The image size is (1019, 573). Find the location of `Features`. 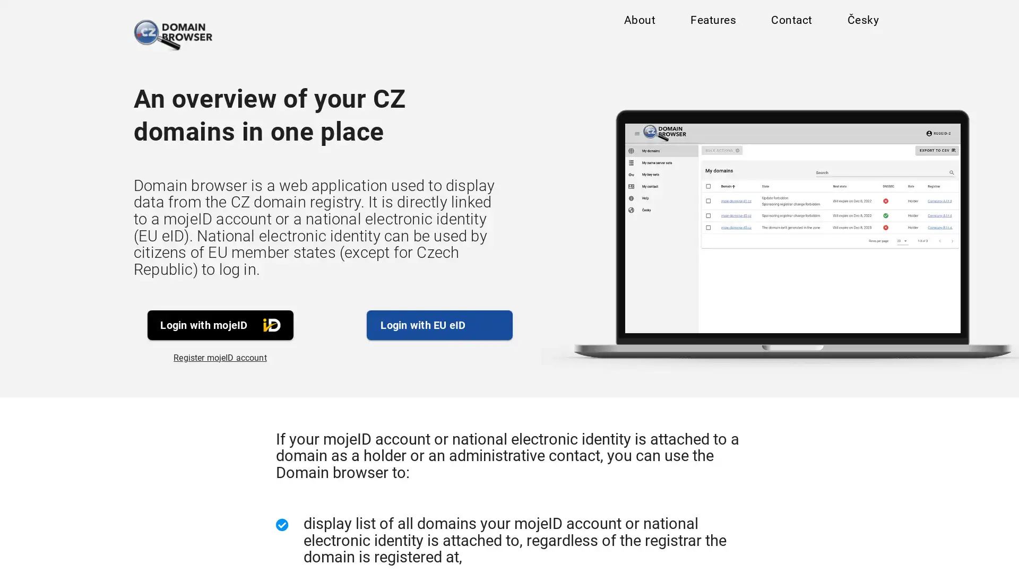

Features is located at coordinates (713, 22).